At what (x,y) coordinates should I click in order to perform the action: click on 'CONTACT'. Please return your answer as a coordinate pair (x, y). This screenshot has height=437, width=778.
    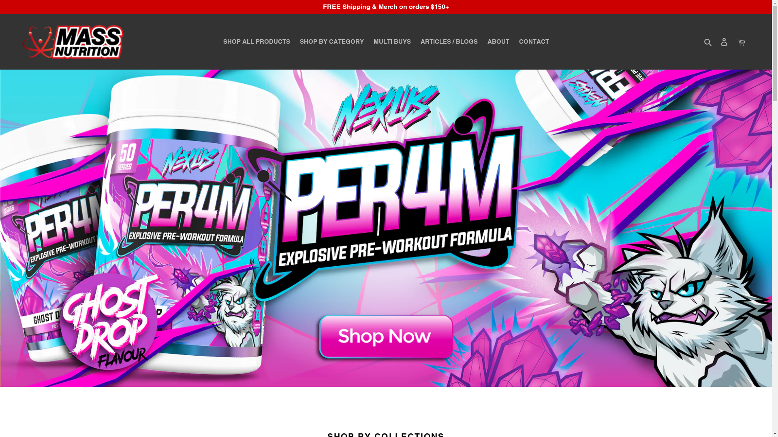
    Looking at the image, I should click on (533, 42).